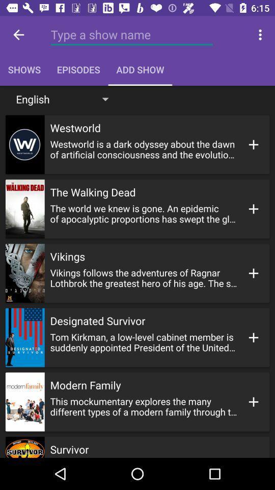 The height and width of the screenshot is (490, 275). What do you see at coordinates (18, 35) in the screenshot?
I see `icon above shows` at bounding box center [18, 35].